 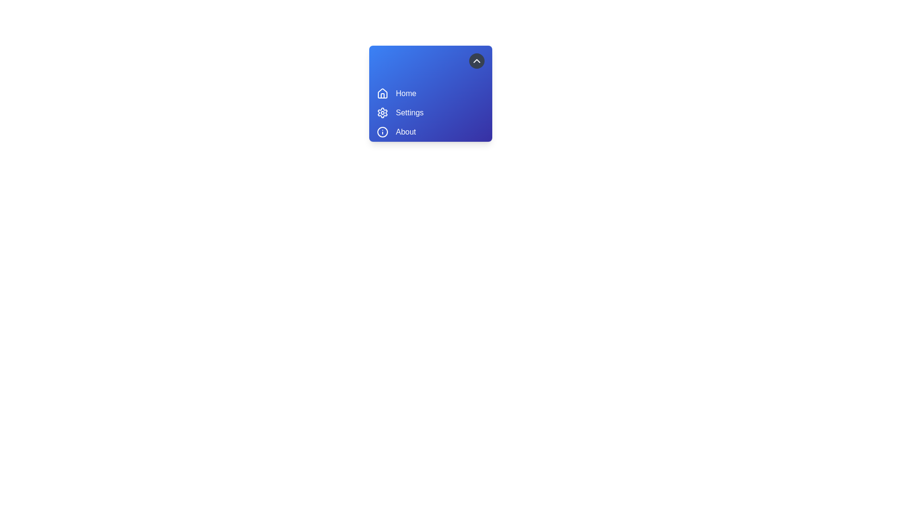 What do you see at coordinates (430, 94) in the screenshot?
I see `the topmost menu item in the navigation menu, which is positioned directly above the 'Settings' menu item` at bounding box center [430, 94].